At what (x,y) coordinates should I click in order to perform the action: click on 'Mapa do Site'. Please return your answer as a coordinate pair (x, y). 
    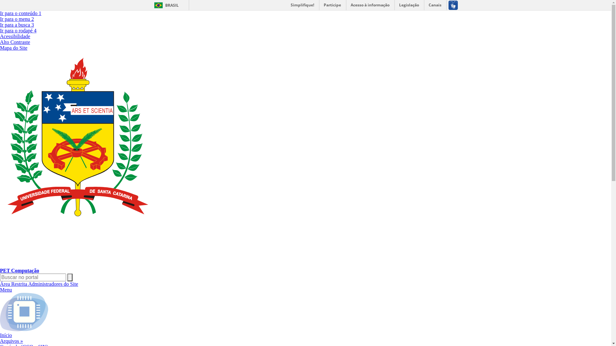
    Looking at the image, I should click on (13, 47).